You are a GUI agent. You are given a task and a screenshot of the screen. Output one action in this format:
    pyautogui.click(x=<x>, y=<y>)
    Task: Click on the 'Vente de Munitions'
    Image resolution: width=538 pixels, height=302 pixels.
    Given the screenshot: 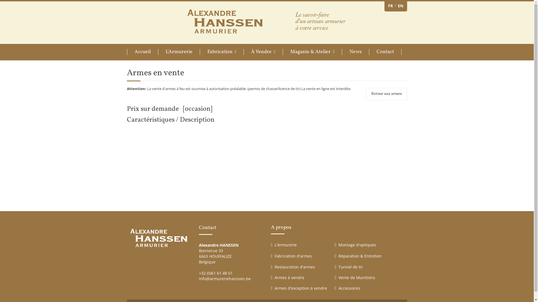 What is the action you would take?
    pyautogui.click(x=356, y=277)
    